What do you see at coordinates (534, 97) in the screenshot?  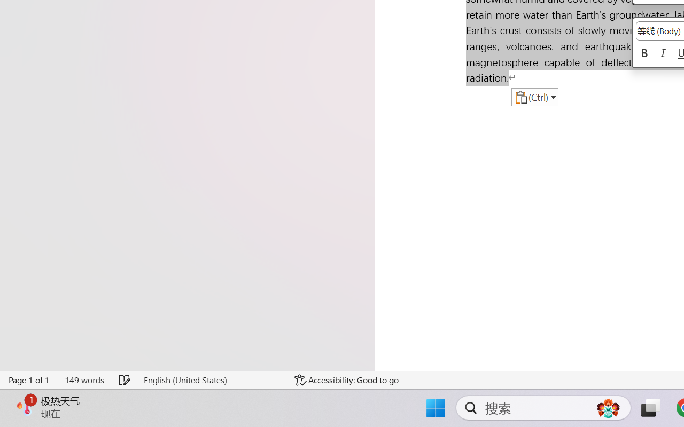 I see `'Action: Paste alternatives'` at bounding box center [534, 97].